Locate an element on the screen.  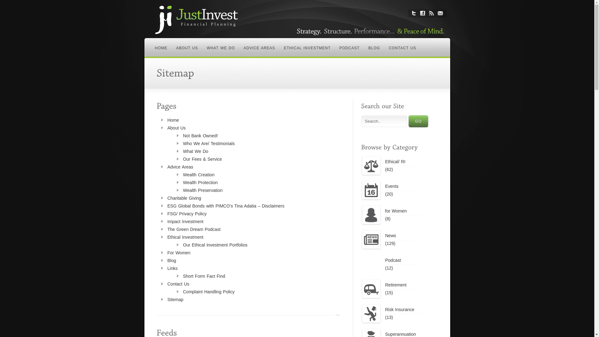
'Charitable Giving' is located at coordinates (184, 198).